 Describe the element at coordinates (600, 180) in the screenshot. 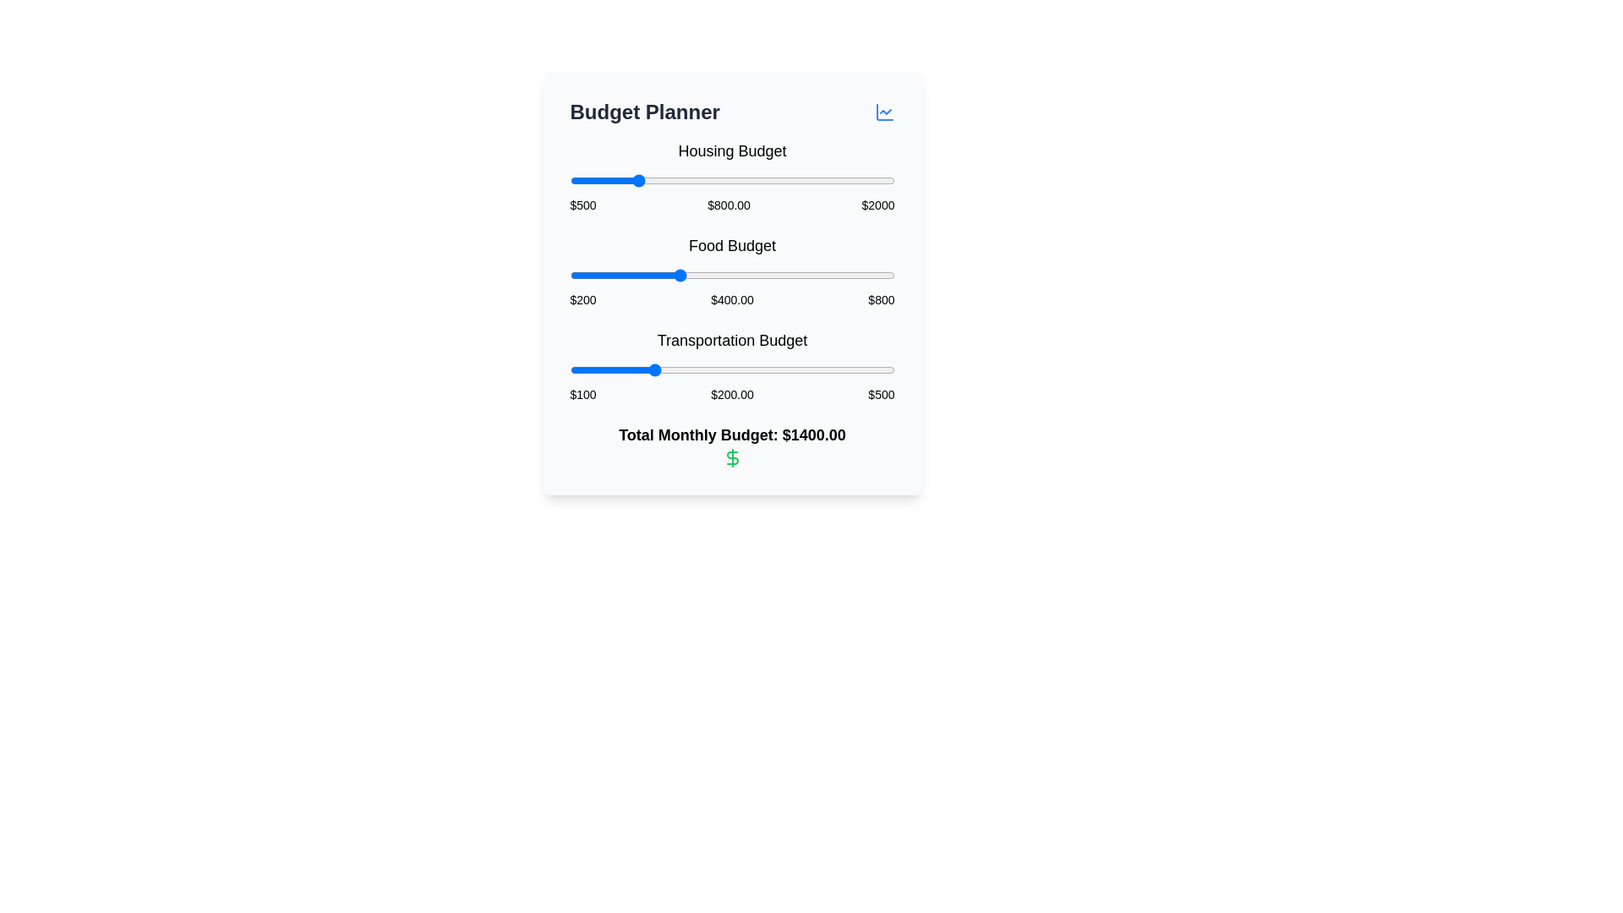

I see `the housing budget slider` at that location.